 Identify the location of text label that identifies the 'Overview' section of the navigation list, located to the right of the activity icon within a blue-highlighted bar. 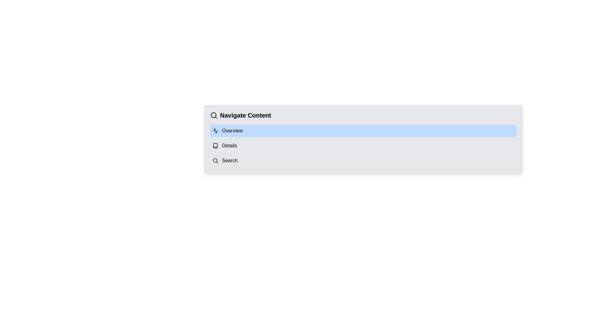
(232, 130).